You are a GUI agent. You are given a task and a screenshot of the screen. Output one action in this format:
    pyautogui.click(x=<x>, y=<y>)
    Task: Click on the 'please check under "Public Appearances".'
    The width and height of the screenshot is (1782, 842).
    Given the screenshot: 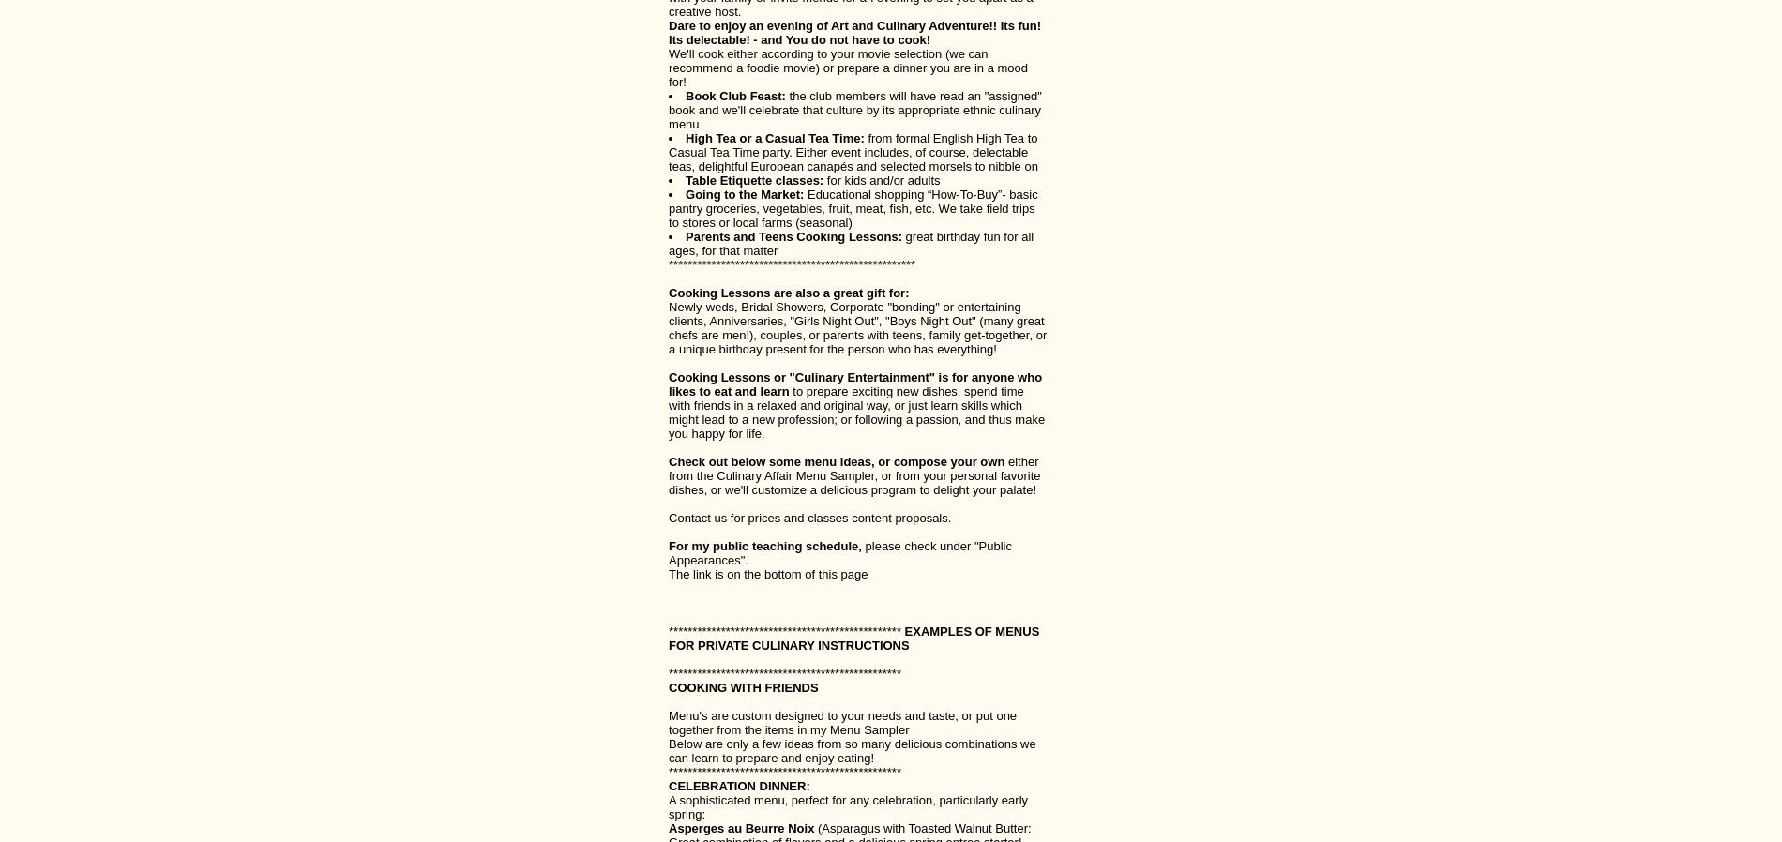 What is the action you would take?
    pyautogui.click(x=838, y=551)
    